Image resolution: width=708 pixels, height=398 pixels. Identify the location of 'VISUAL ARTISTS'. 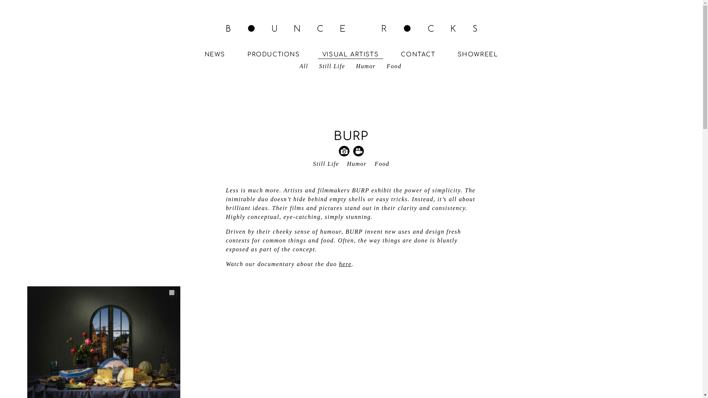
(318, 54).